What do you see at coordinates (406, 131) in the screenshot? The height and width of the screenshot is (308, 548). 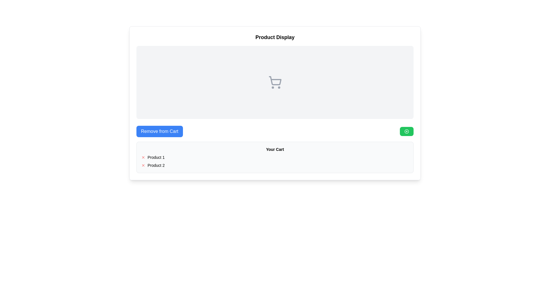 I see `the green button with a plus icon` at bounding box center [406, 131].